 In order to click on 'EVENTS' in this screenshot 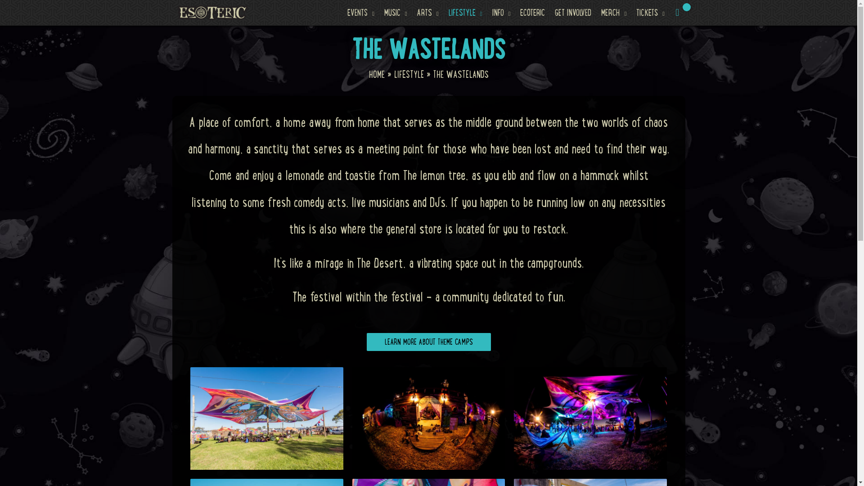, I will do `click(360, 12)`.